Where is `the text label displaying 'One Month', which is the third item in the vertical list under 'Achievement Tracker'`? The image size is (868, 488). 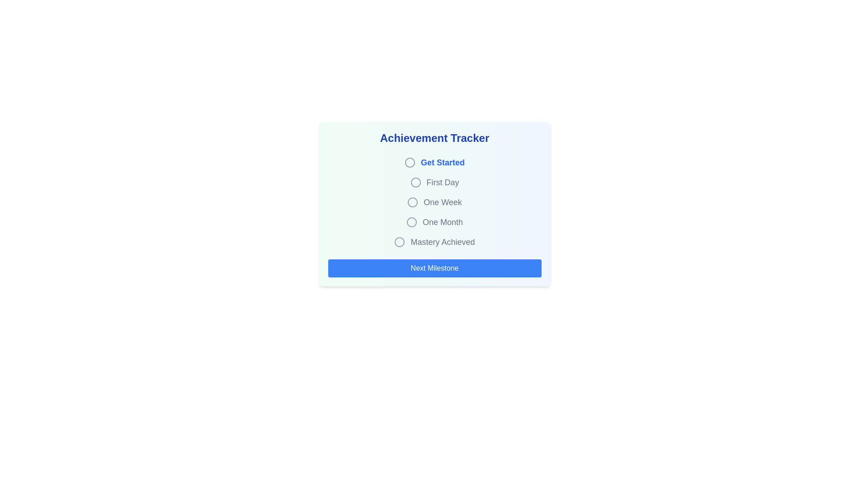 the text label displaying 'One Month', which is the third item in the vertical list under 'Achievement Tracker' is located at coordinates (443, 222).